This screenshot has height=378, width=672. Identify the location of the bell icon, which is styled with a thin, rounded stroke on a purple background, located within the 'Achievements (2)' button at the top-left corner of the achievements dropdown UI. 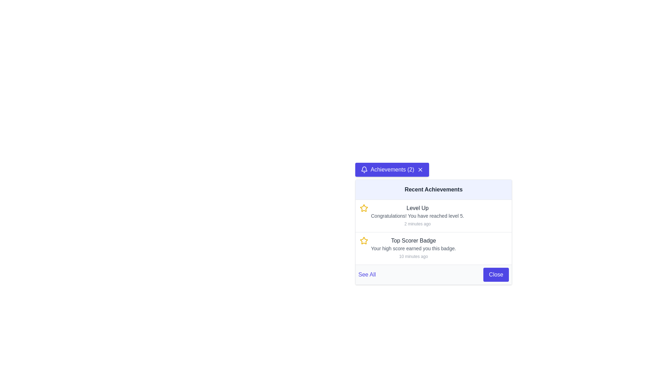
(364, 170).